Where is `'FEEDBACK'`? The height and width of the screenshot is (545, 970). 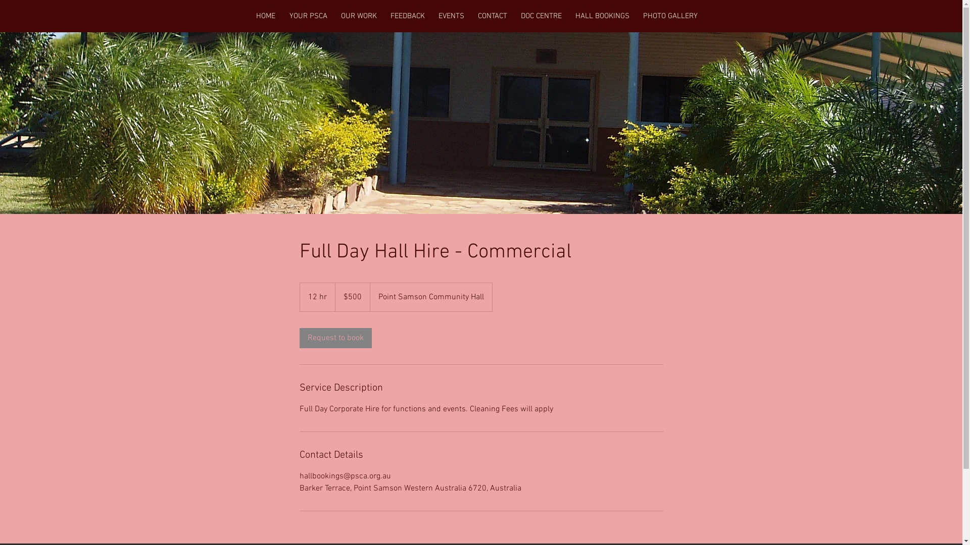
'FEEDBACK' is located at coordinates (408, 16).